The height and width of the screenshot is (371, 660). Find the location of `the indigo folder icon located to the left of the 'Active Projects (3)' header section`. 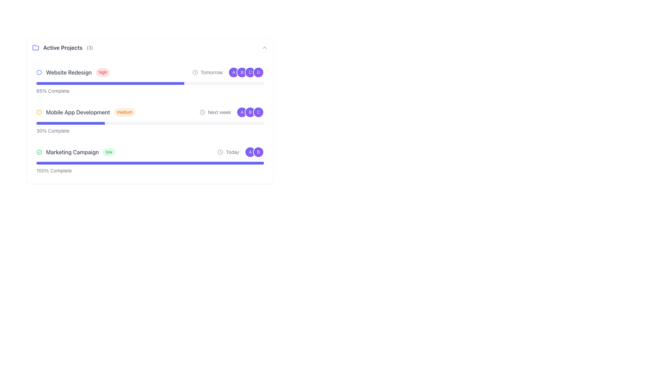

the indigo folder icon located to the left of the 'Active Projects (3)' header section is located at coordinates (35, 47).